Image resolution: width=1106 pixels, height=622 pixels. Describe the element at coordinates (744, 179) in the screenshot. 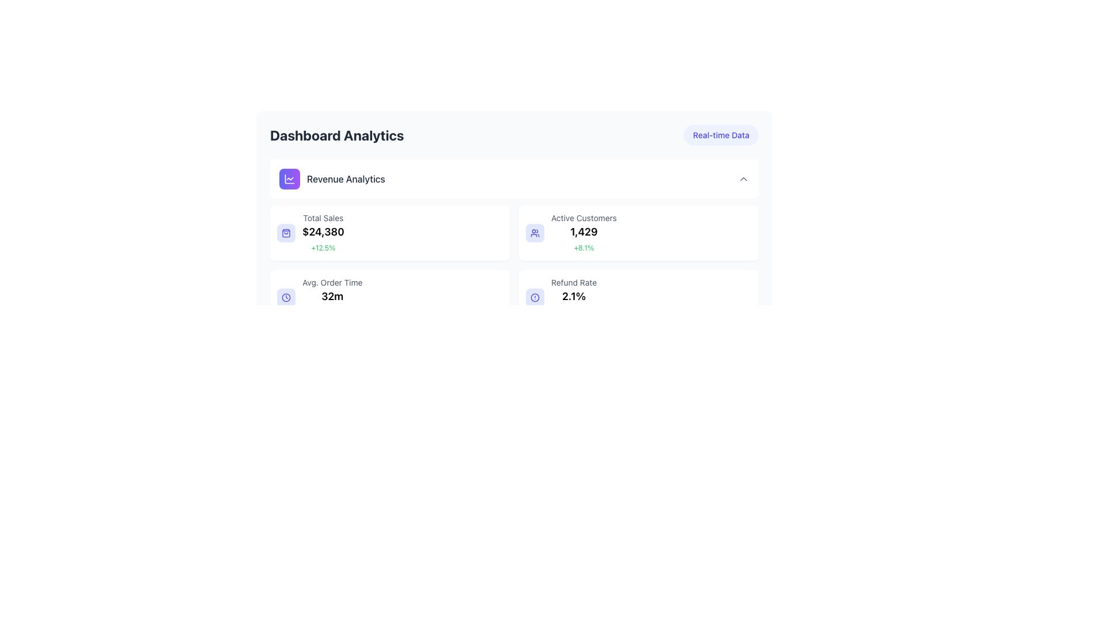

I see `the chevron icon located at the far right of the 'Revenue Analytics' header bar` at that location.